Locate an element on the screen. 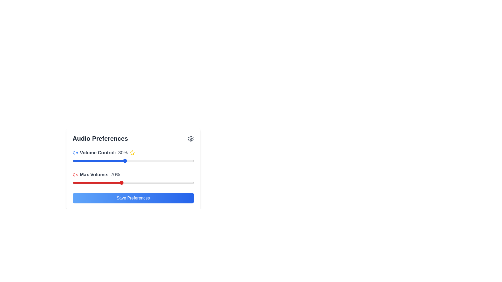 Image resolution: width=502 pixels, height=282 pixels. the max volume is located at coordinates (109, 182).